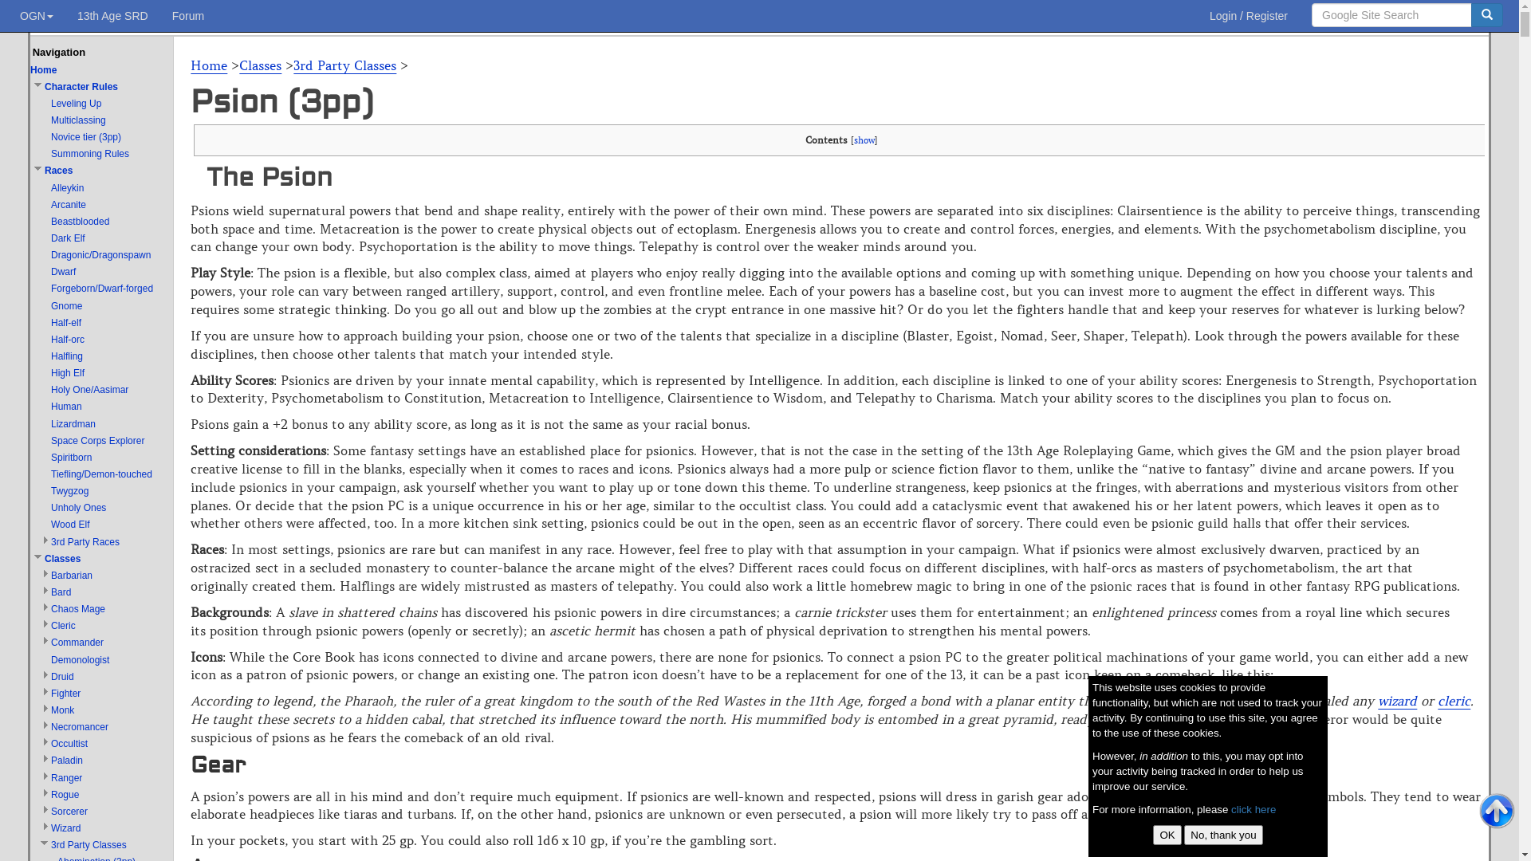 Image resolution: width=1531 pixels, height=861 pixels. I want to click on 'Sorcerer', so click(68, 812).